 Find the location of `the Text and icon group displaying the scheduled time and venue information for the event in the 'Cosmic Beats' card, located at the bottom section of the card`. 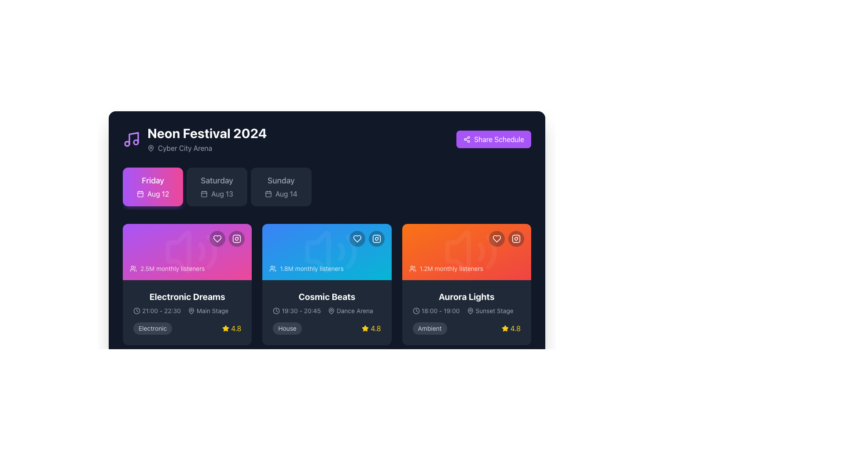

the Text and icon group displaying the scheduled time and venue information for the event in the 'Cosmic Beats' card, located at the bottom section of the card is located at coordinates (327, 310).